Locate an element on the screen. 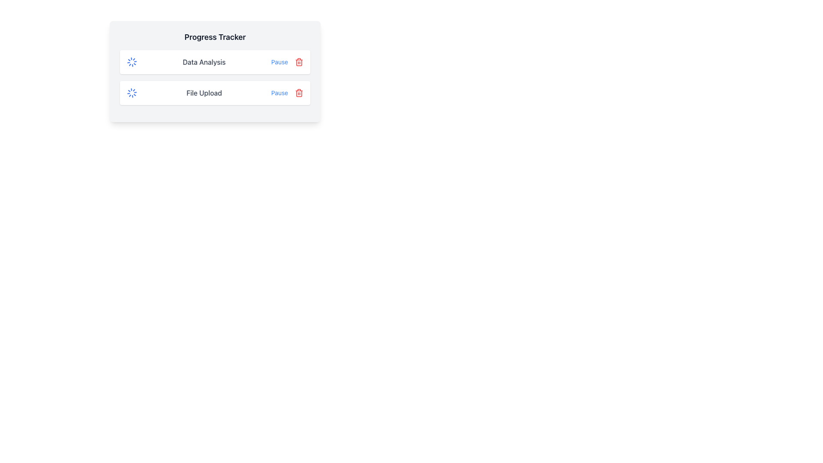 The height and width of the screenshot is (463, 823). the small red trash icon located to the far right of the 'Data Analysis' section in the 'Progress Tracker' is located at coordinates (299, 62).